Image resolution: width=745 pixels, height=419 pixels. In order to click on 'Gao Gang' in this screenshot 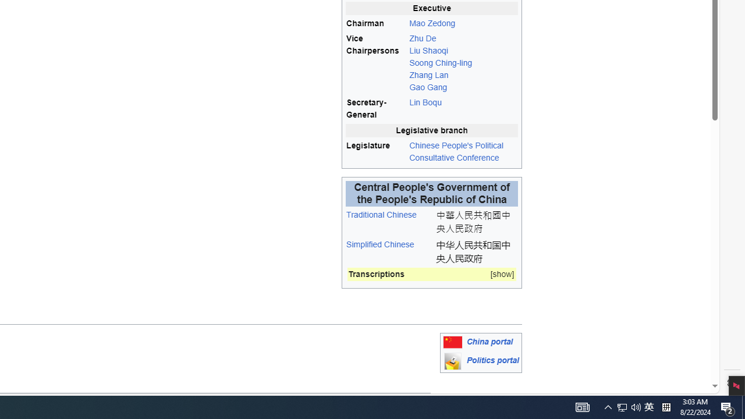, I will do `click(428, 87)`.